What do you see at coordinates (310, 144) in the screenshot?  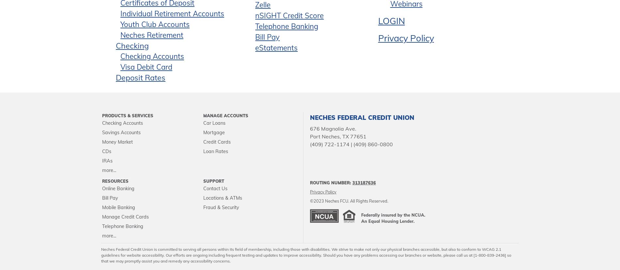 I see `'(409) 722-1174 | (409) 860-0800'` at bounding box center [310, 144].